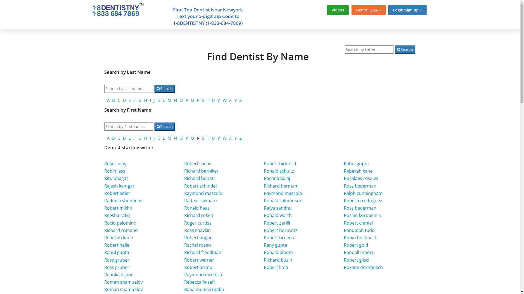 Image resolution: width=524 pixels, height=294 pixels. Describe the element at coordinates (361, 178) in the screenshot. I see `'Rosalaes rosales'` at that location.